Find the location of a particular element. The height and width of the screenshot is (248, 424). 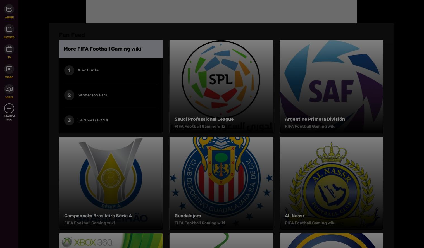

'Local Sitemap' is located at coordinates (166, 37).